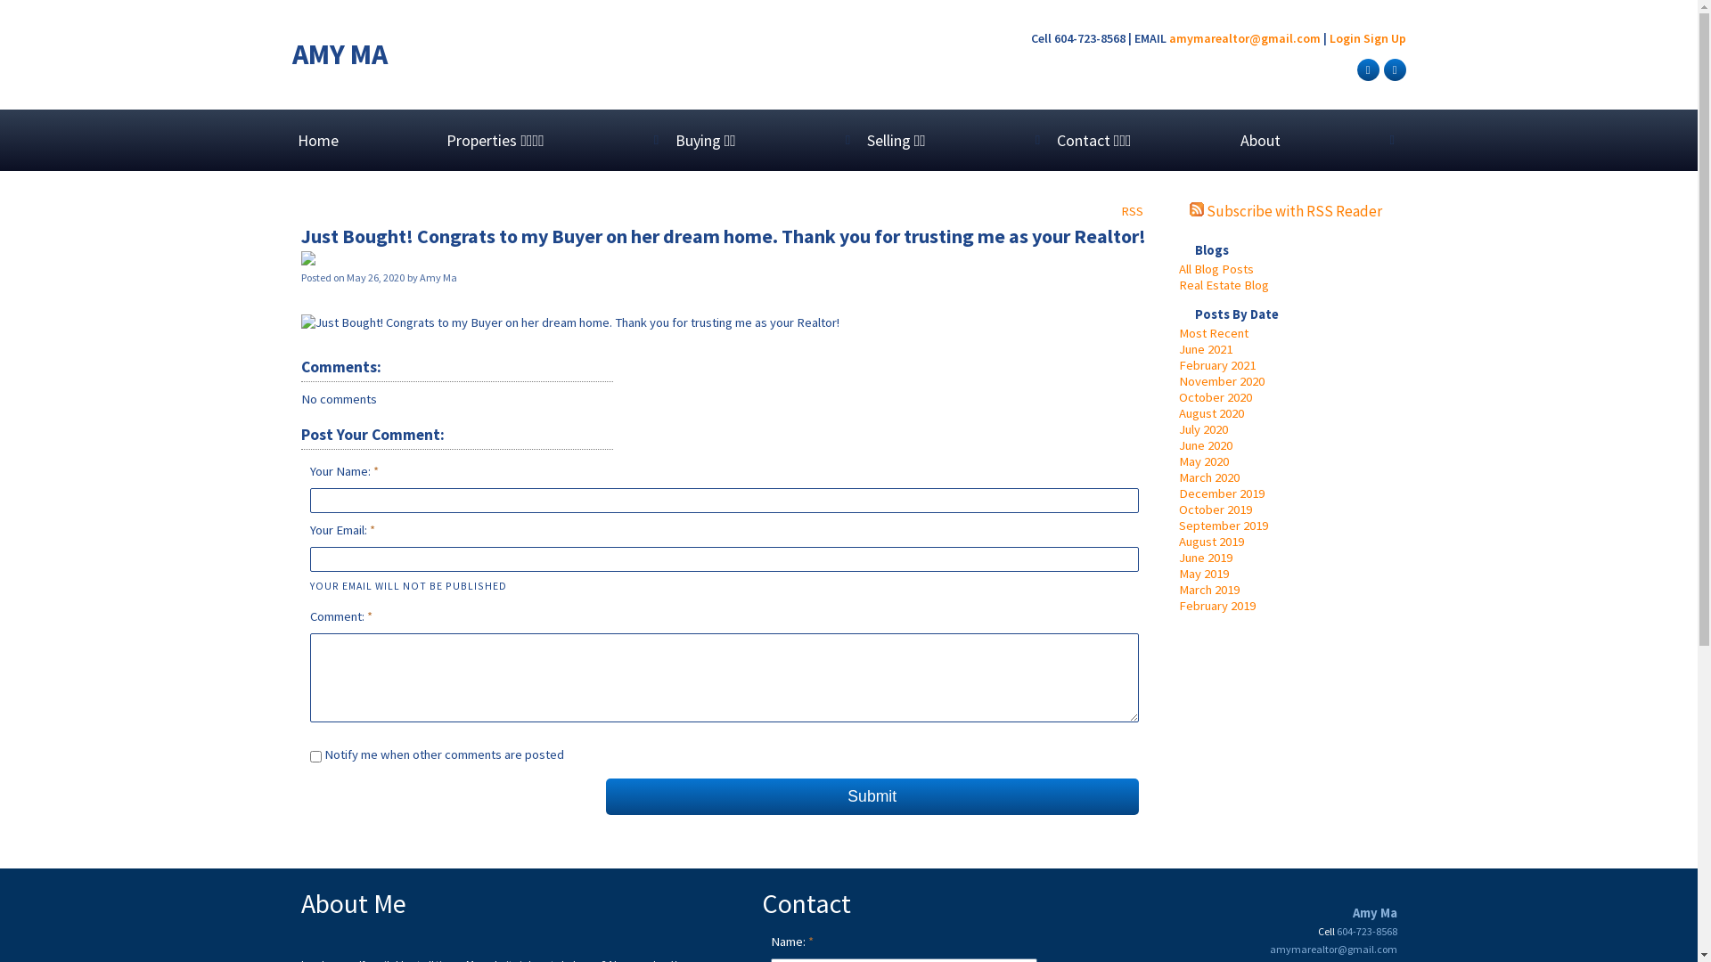 This screenshot has height=962, width=1711. Describe the element at coordinates (1212, 333) in the screenshot. I see `'Most Recent'` at that location.